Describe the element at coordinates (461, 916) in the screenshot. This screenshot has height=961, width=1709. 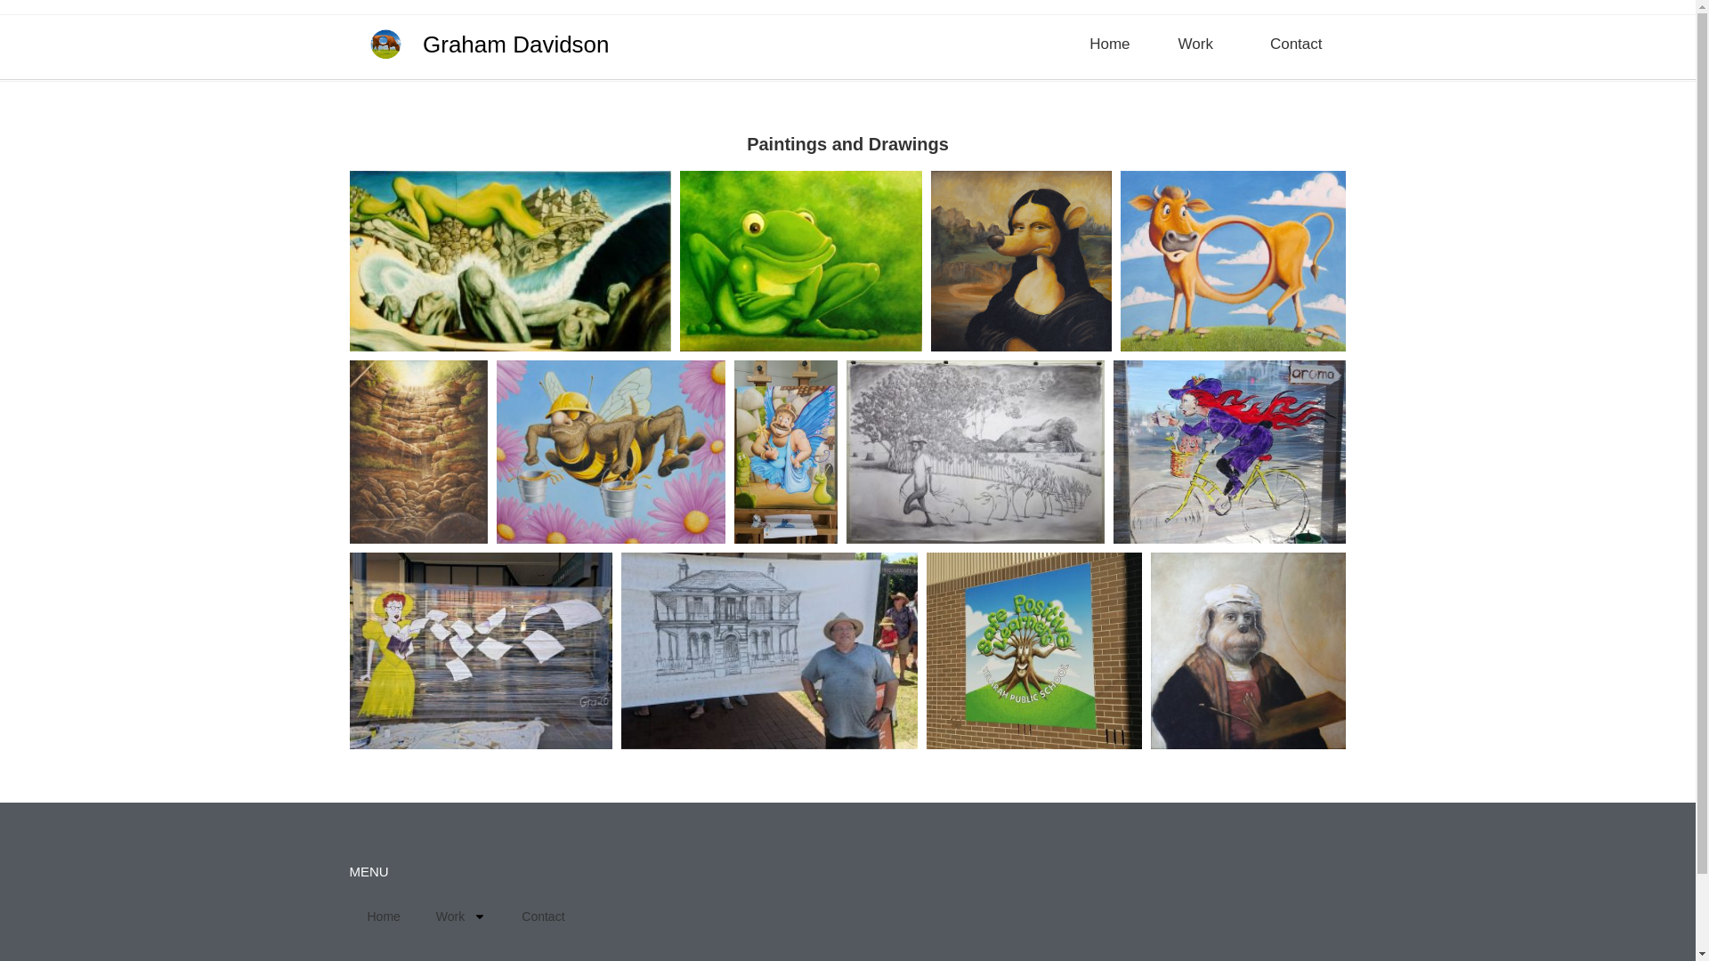
I see `'Work'` at that location.